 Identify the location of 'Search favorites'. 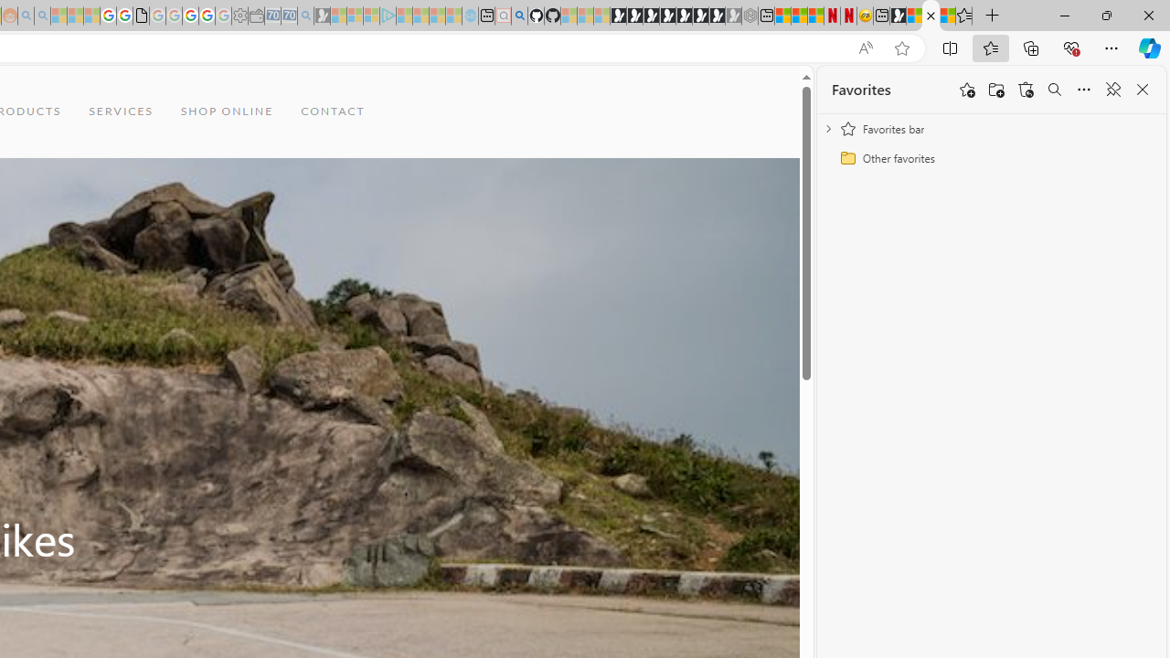
(1054, 90).